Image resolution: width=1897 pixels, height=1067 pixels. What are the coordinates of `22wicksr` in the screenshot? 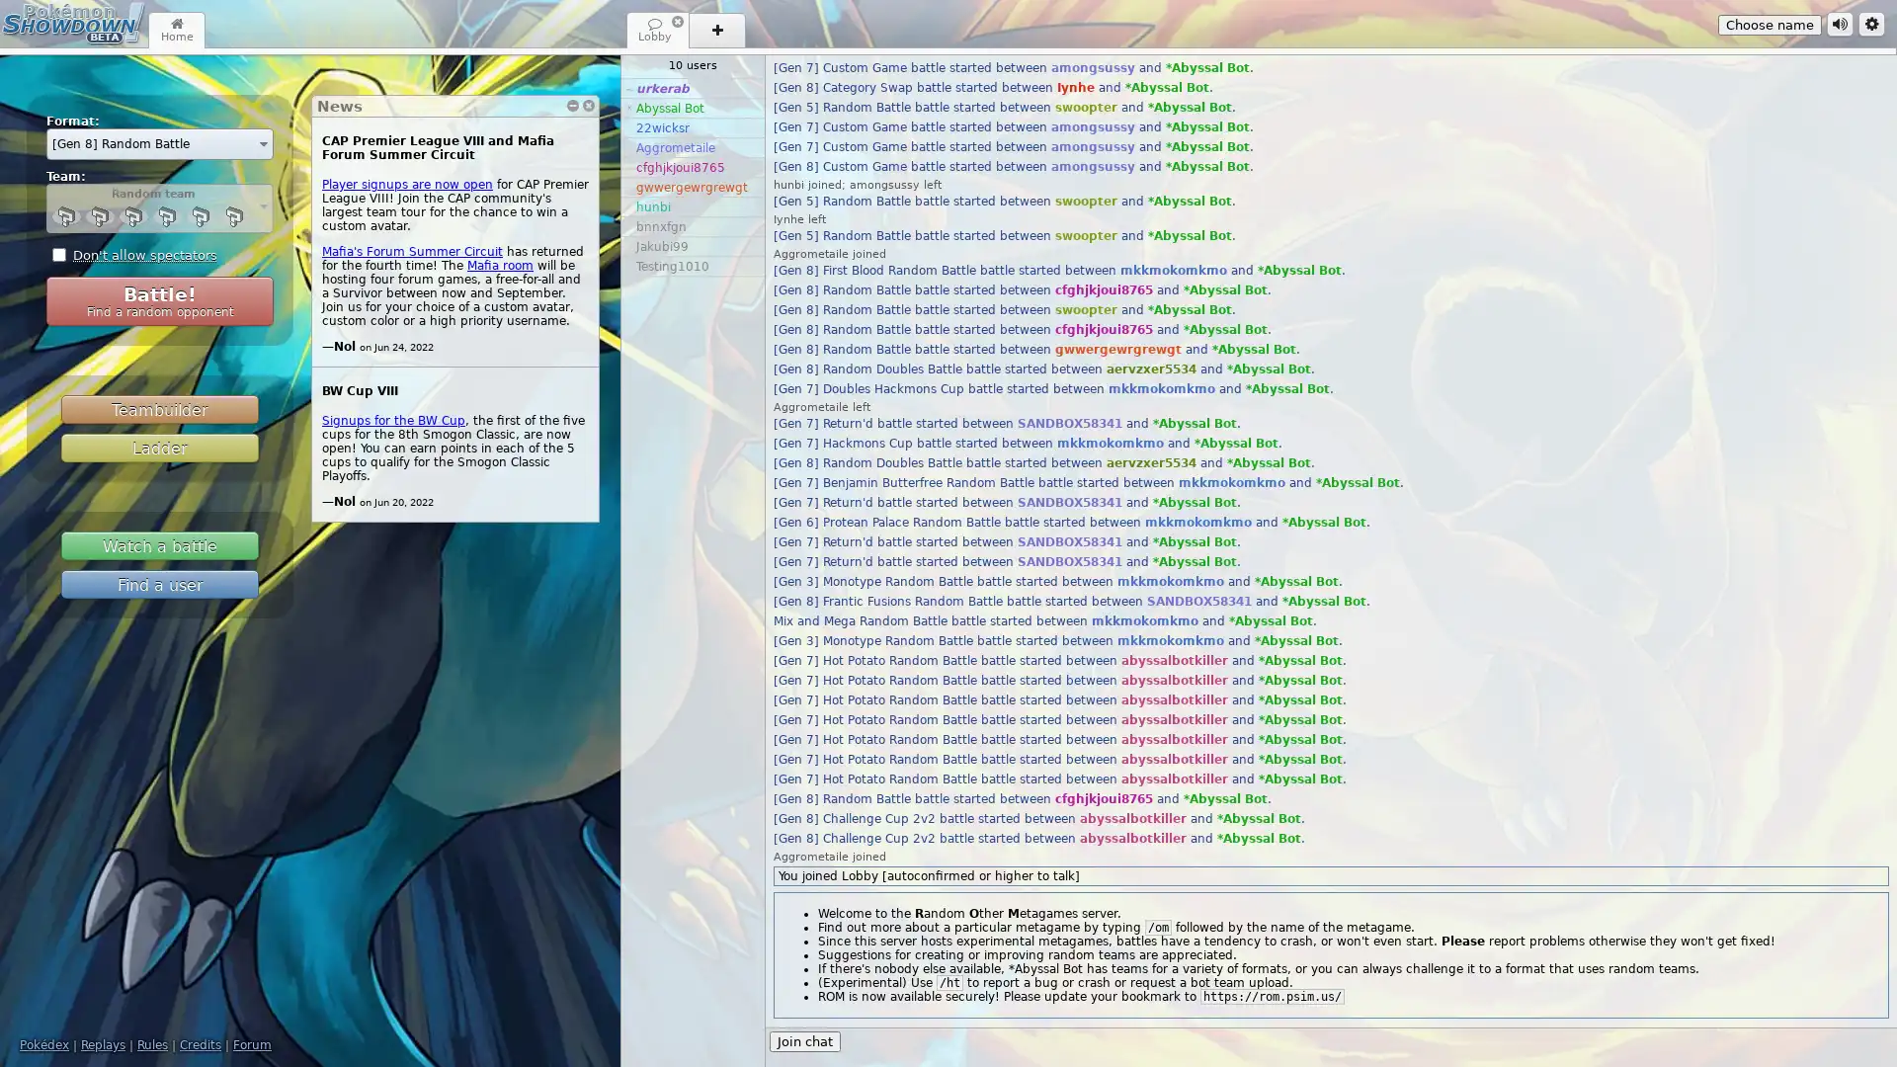 It's located at (693, 127).